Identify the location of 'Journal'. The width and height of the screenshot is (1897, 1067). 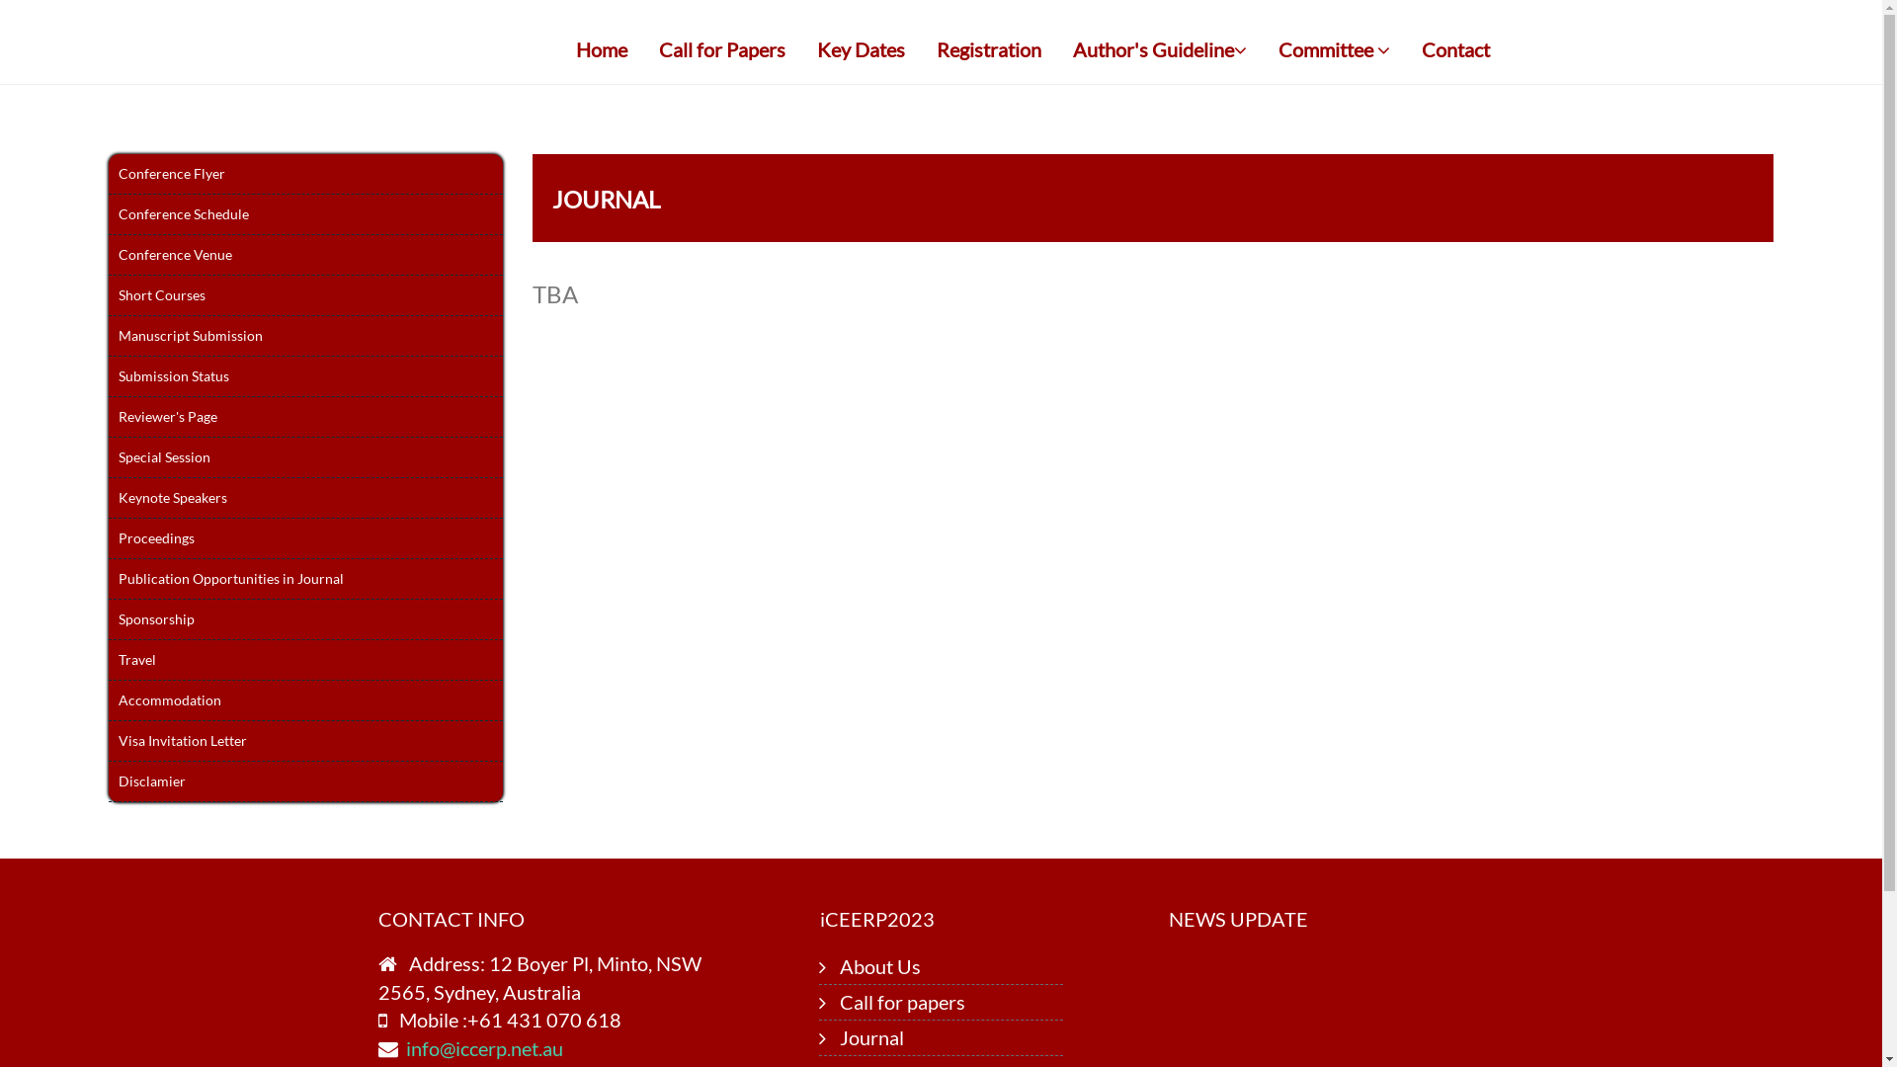
(839, 1035).